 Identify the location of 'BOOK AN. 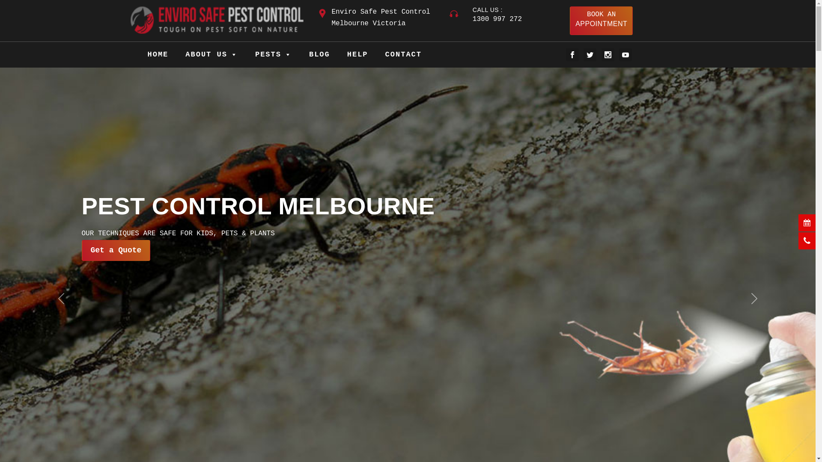
(601, 20).